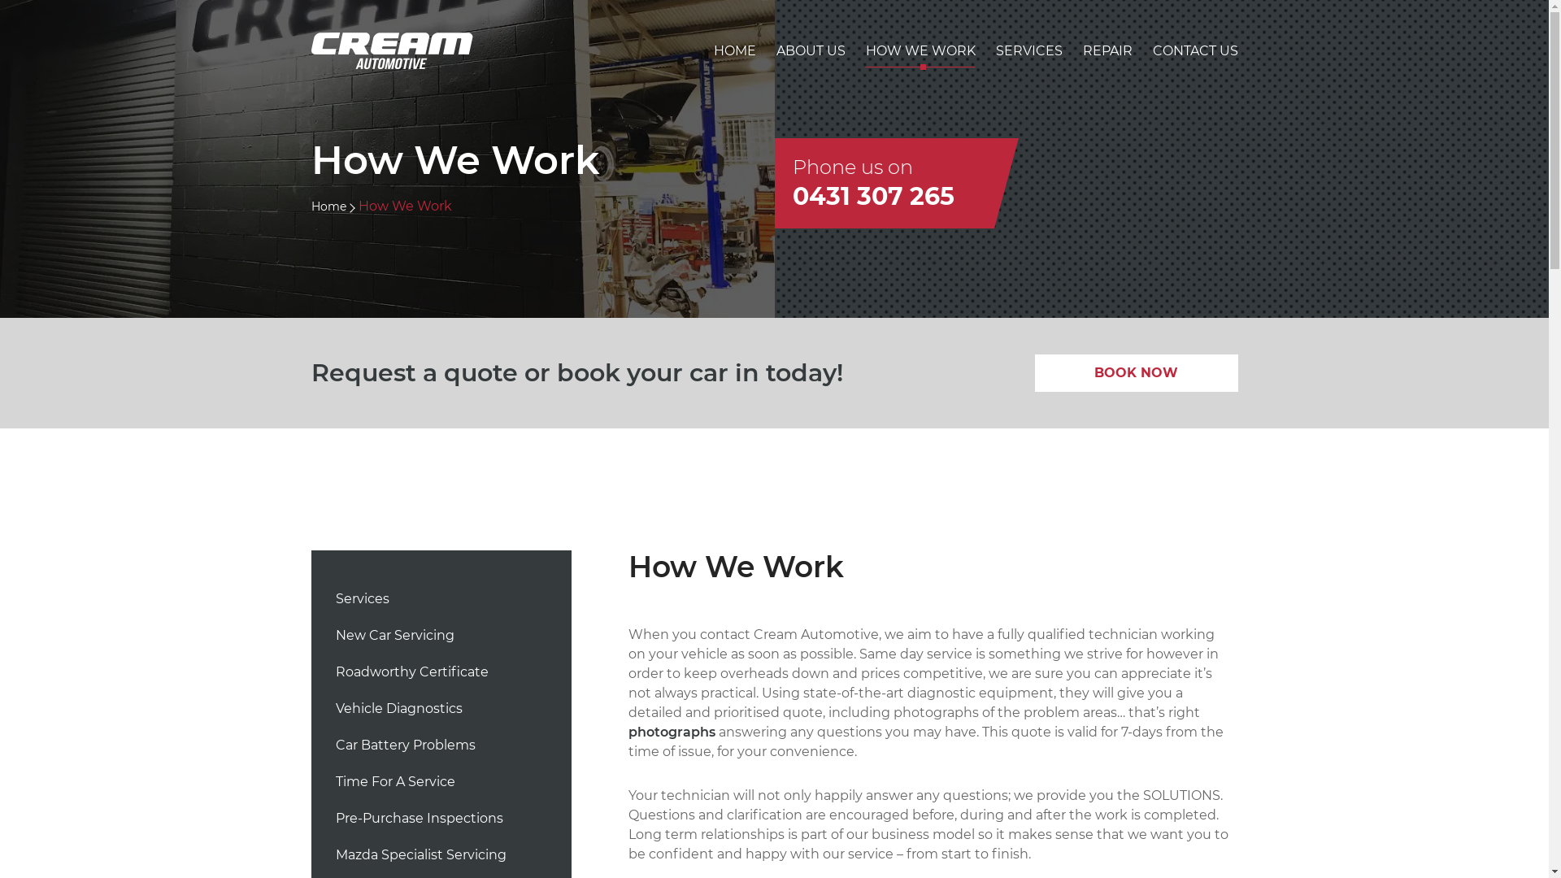 This screenshot has width=1561, height=878. Describe the element at coordinates (810, 55) in the screenshot. I see `'ABOUT US'` at that location.